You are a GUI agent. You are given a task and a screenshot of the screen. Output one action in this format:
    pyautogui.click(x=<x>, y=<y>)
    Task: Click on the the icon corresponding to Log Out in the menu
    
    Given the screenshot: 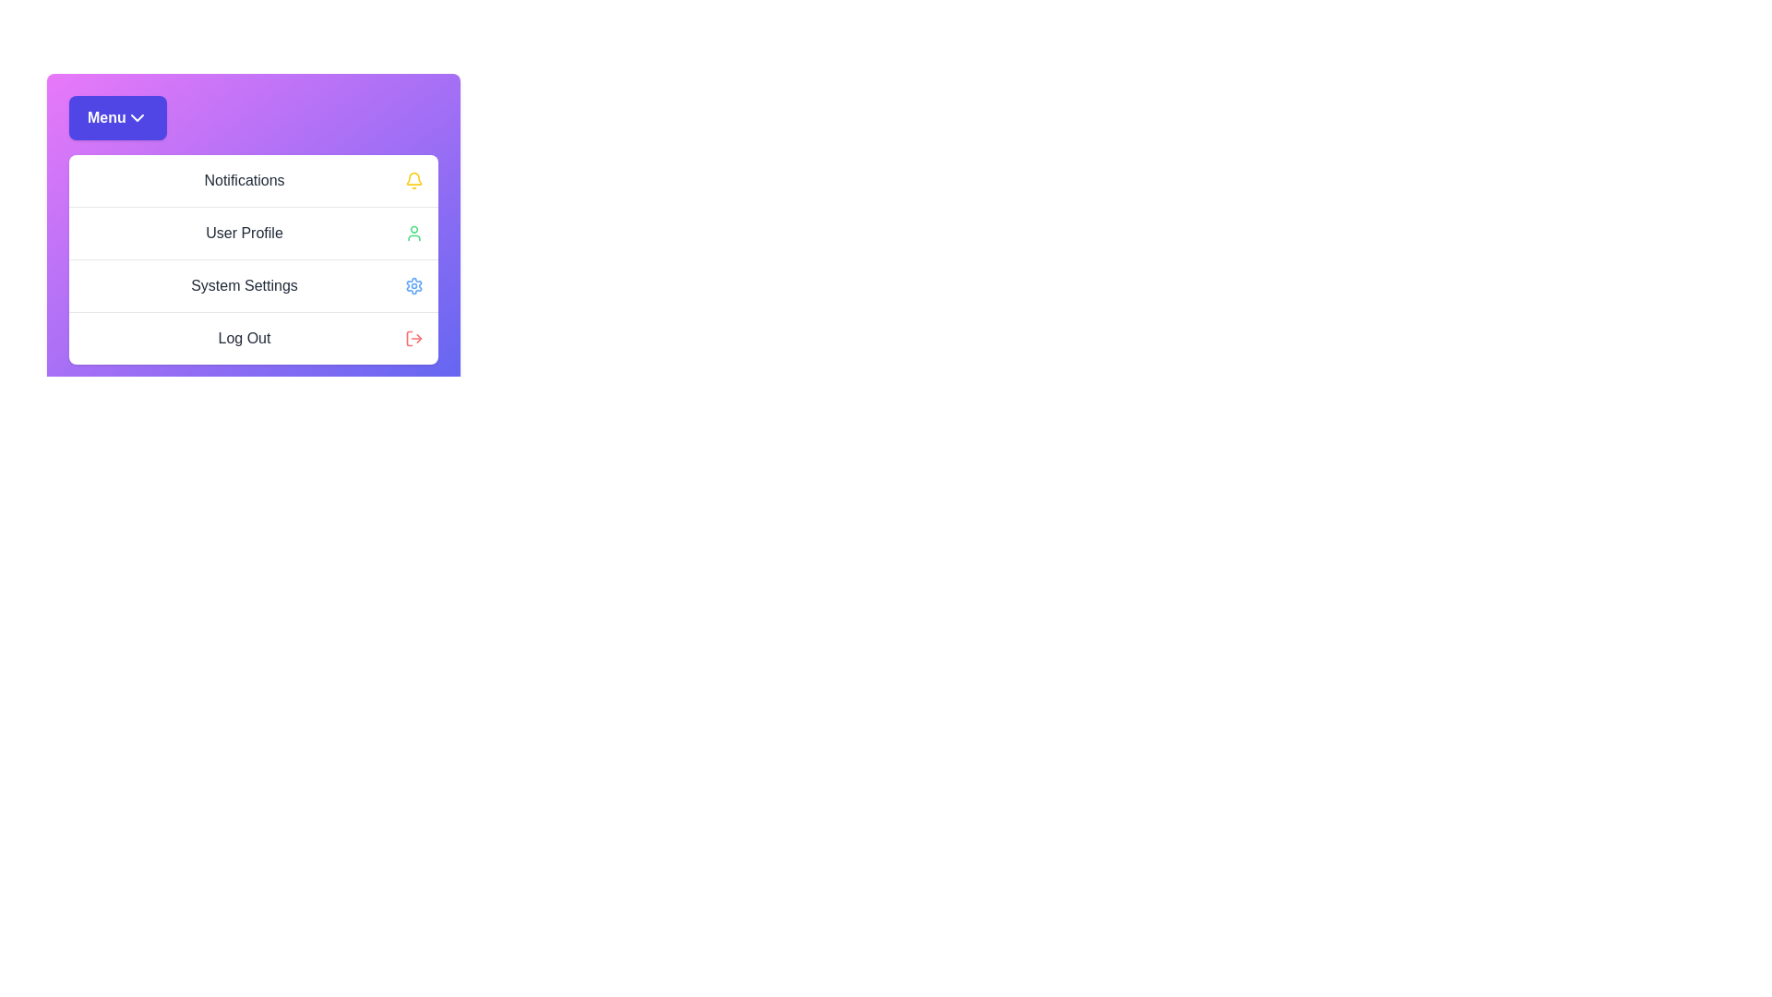 What is the action you would take?
    pyautogui.click(x=413, y=338)
    